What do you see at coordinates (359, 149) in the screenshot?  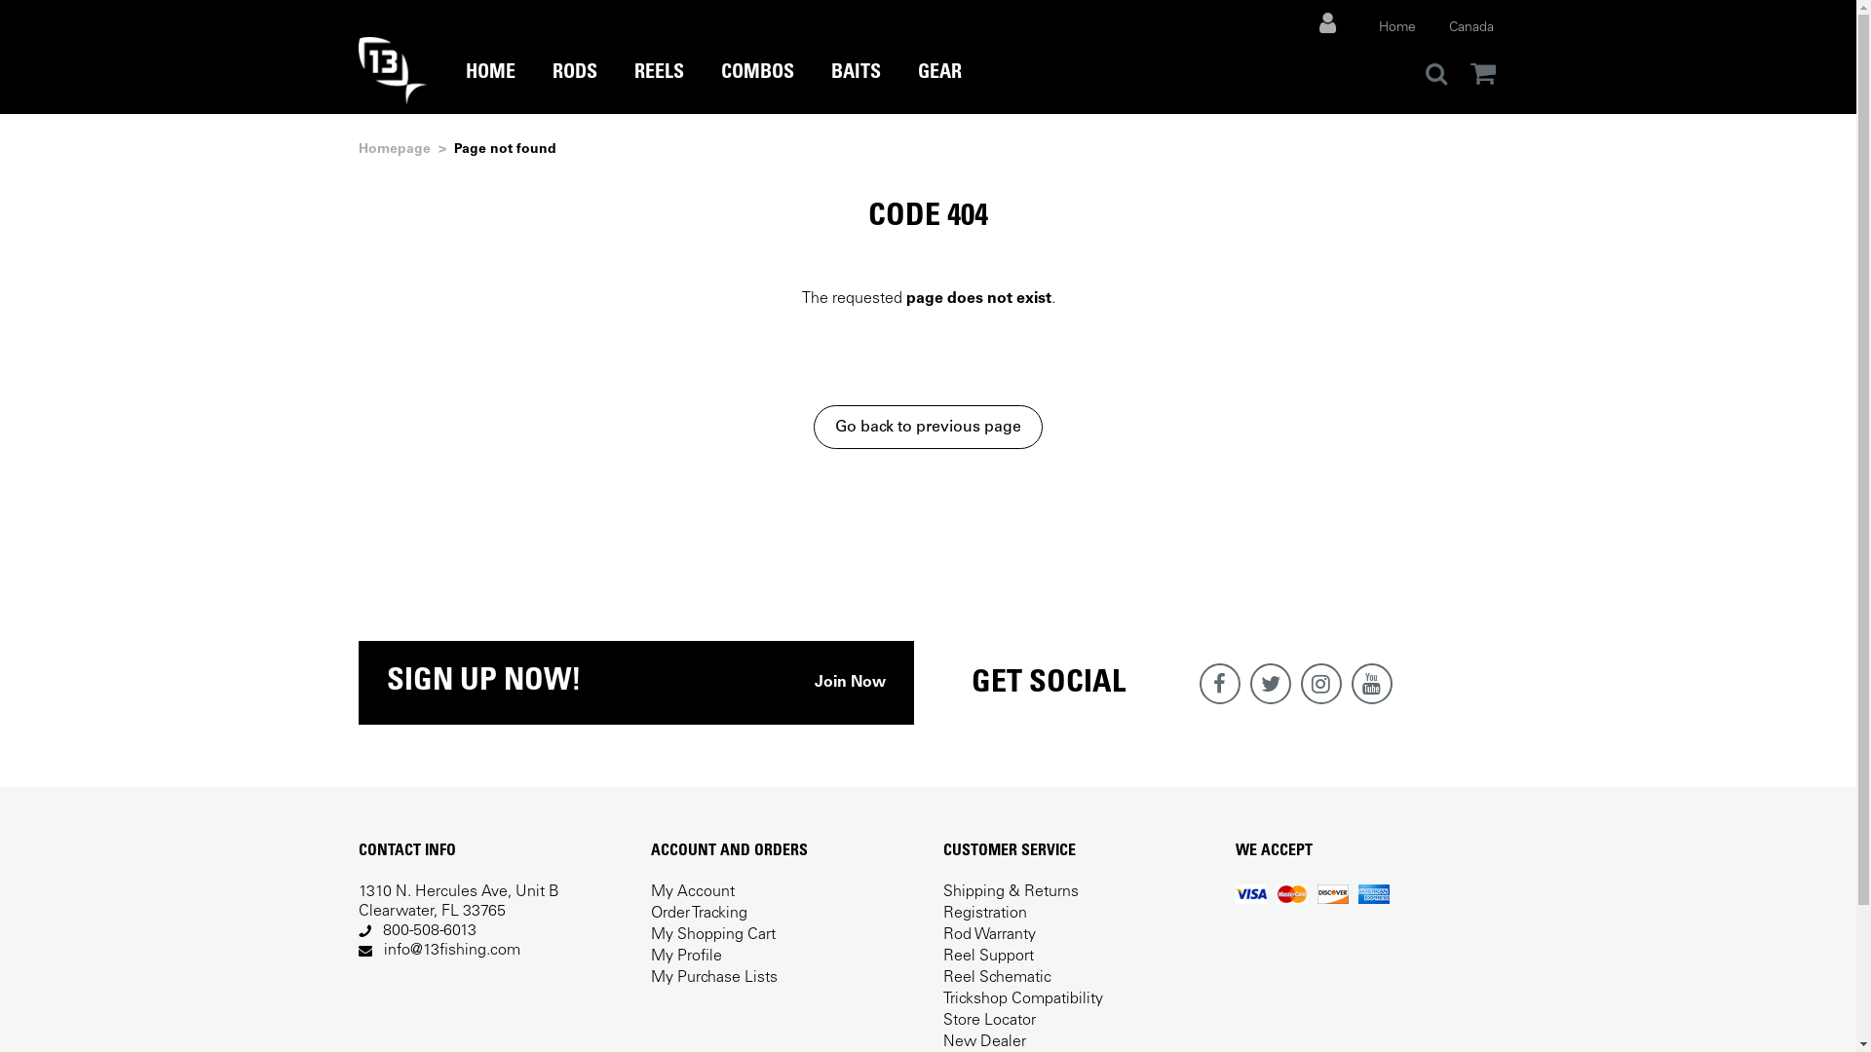 I see `'Homepage'` at bounding box center [359, 149].